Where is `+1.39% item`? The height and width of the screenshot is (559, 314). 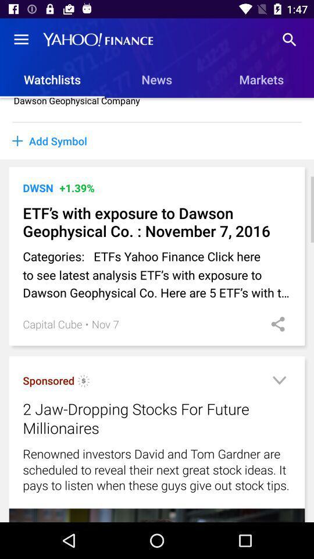 +1.39% item is located at coordinates (77, 187).